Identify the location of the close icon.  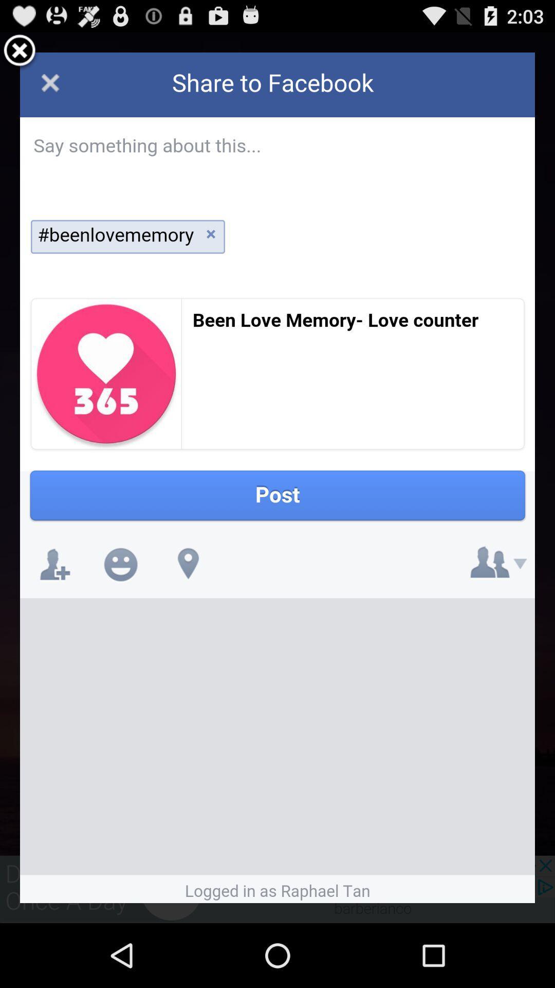
(20, 55).